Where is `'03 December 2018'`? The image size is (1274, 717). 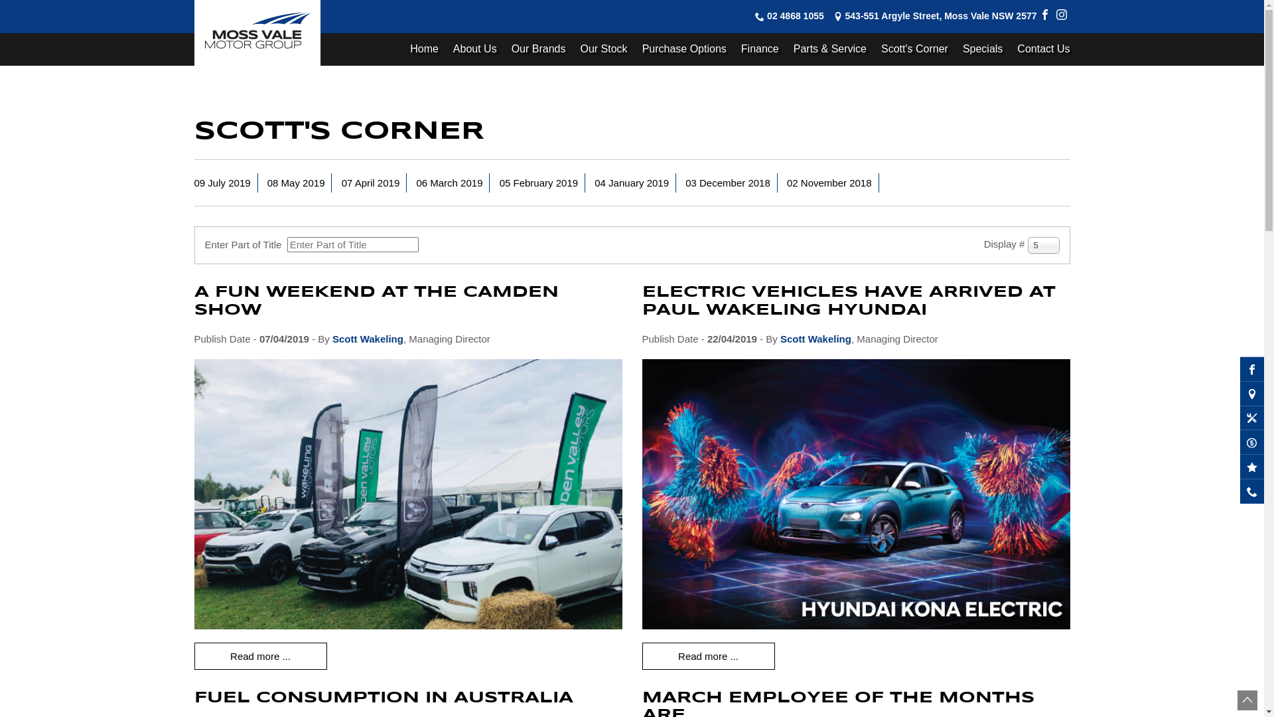 '03 December 2018' is located at coordinates (727, 183).